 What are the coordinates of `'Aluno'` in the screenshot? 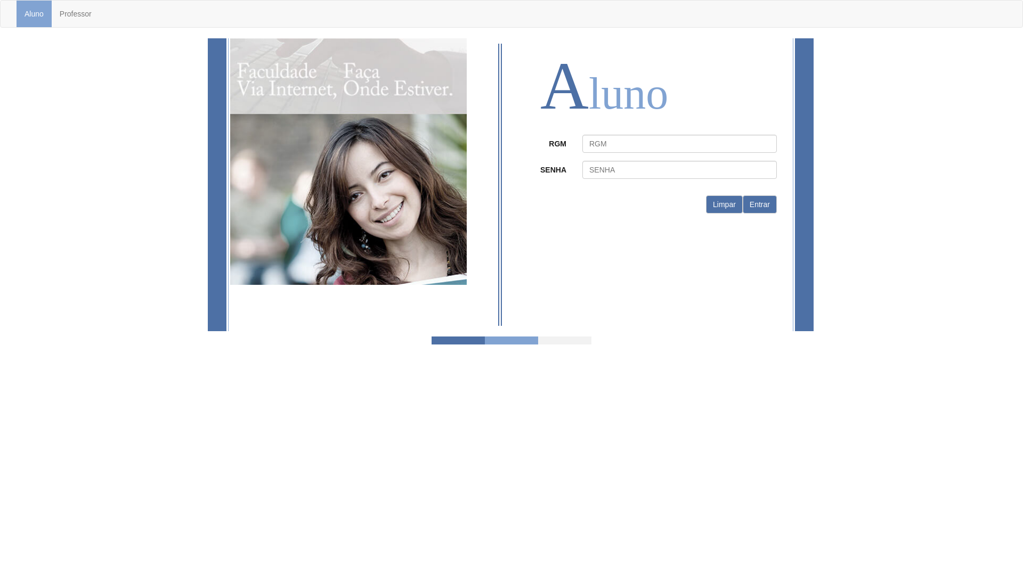 It's located at (34, 14).